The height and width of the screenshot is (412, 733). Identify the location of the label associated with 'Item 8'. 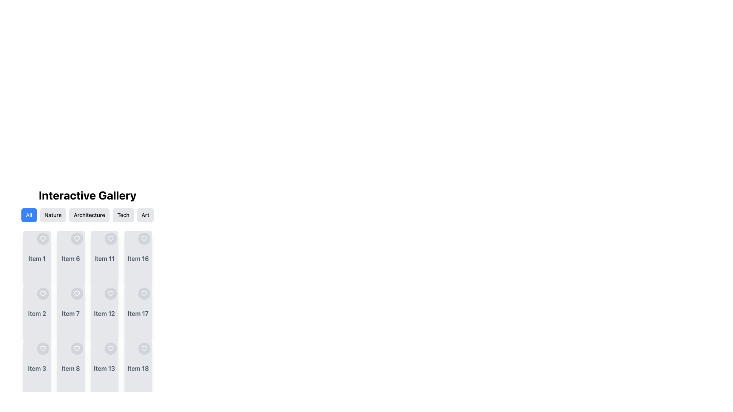
(74, 368).